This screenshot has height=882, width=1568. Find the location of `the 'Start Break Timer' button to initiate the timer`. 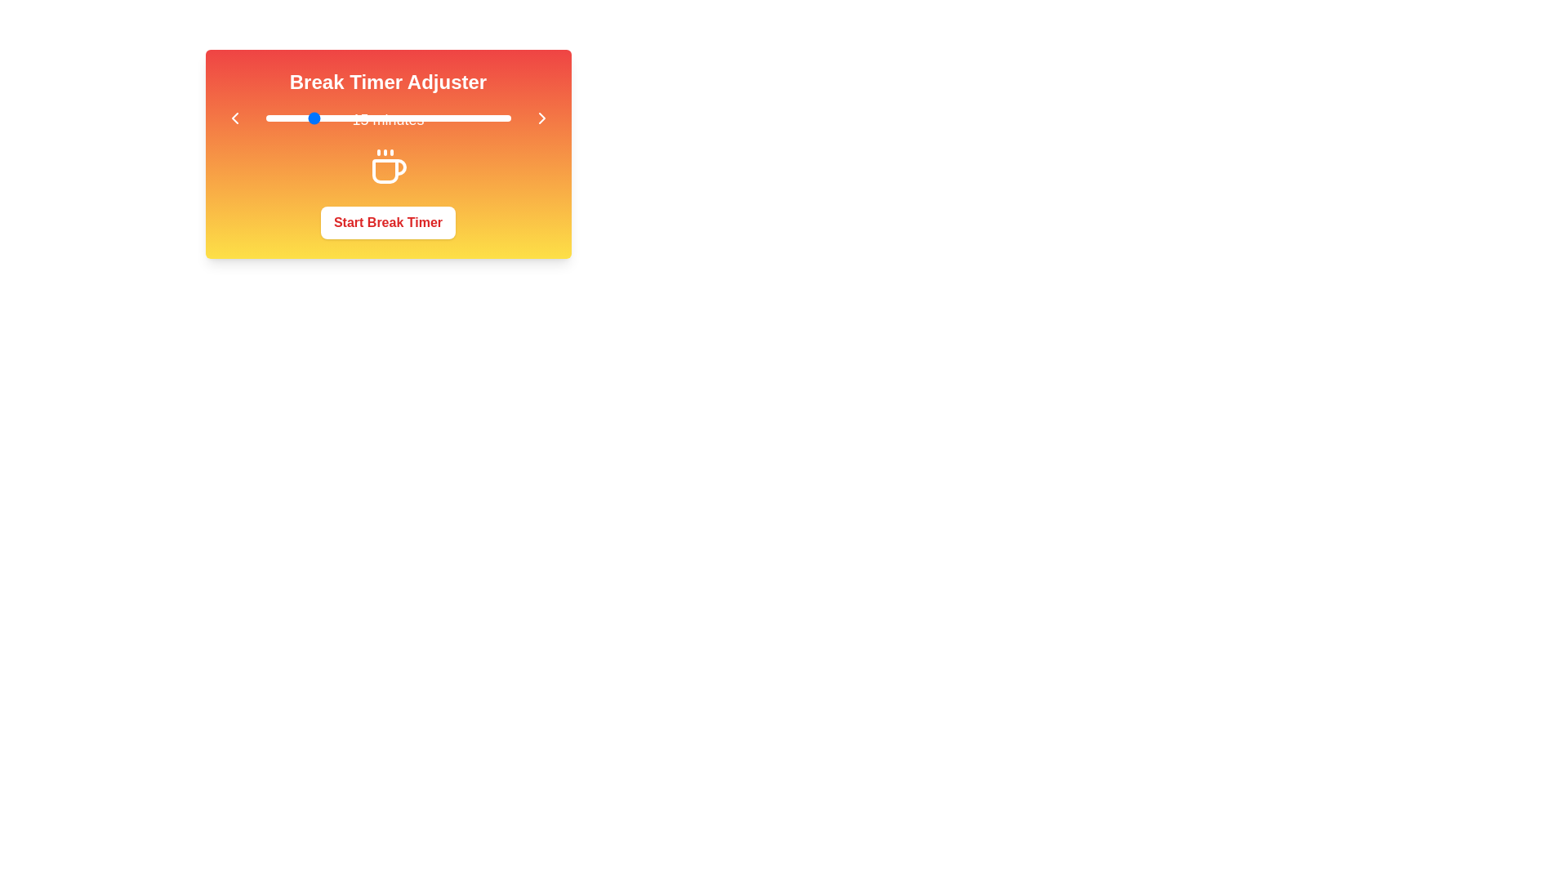

the 'Start Break Timer' button to initiate the timer is located at coordinates (387, 223).